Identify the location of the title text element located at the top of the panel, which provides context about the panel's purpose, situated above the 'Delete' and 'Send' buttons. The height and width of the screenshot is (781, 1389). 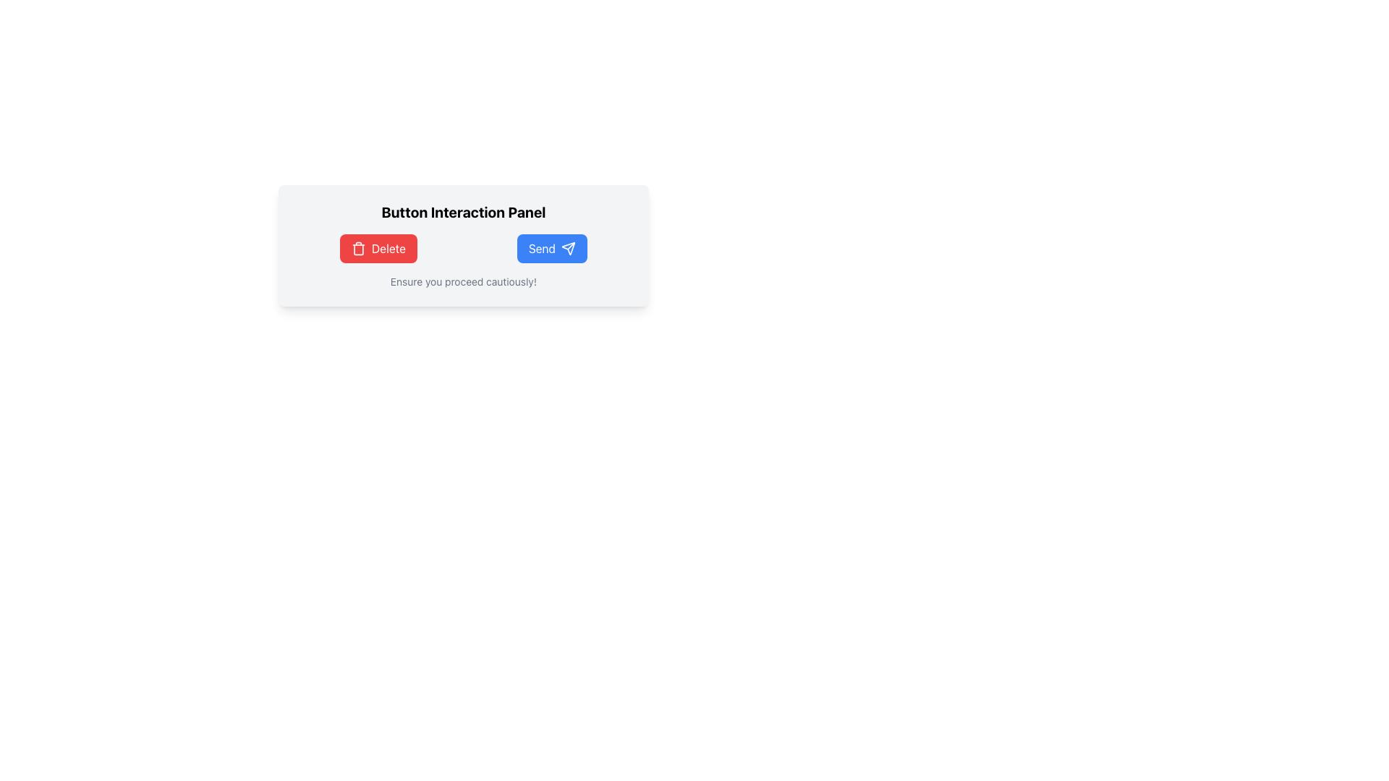
(464, 212).